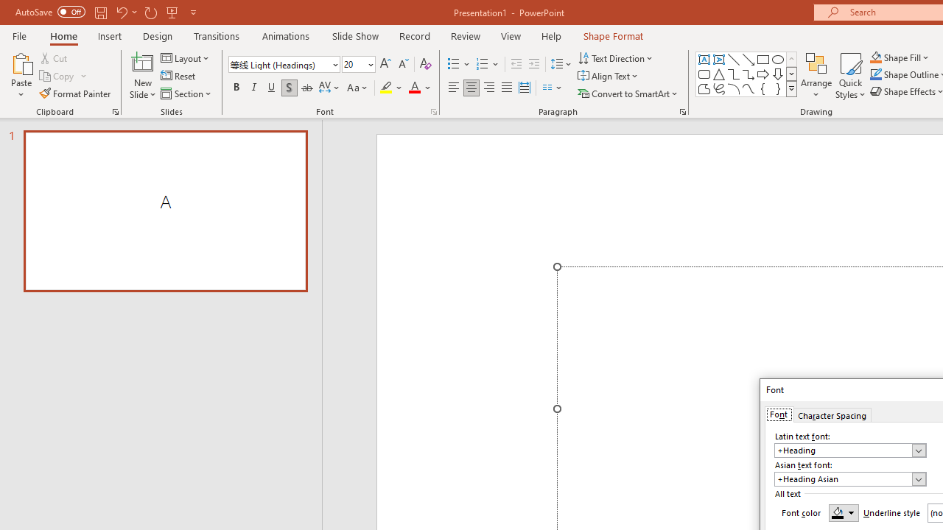 This screenshot has height=530, width=943. I want to click on 'Numbering', so click(482, 63).